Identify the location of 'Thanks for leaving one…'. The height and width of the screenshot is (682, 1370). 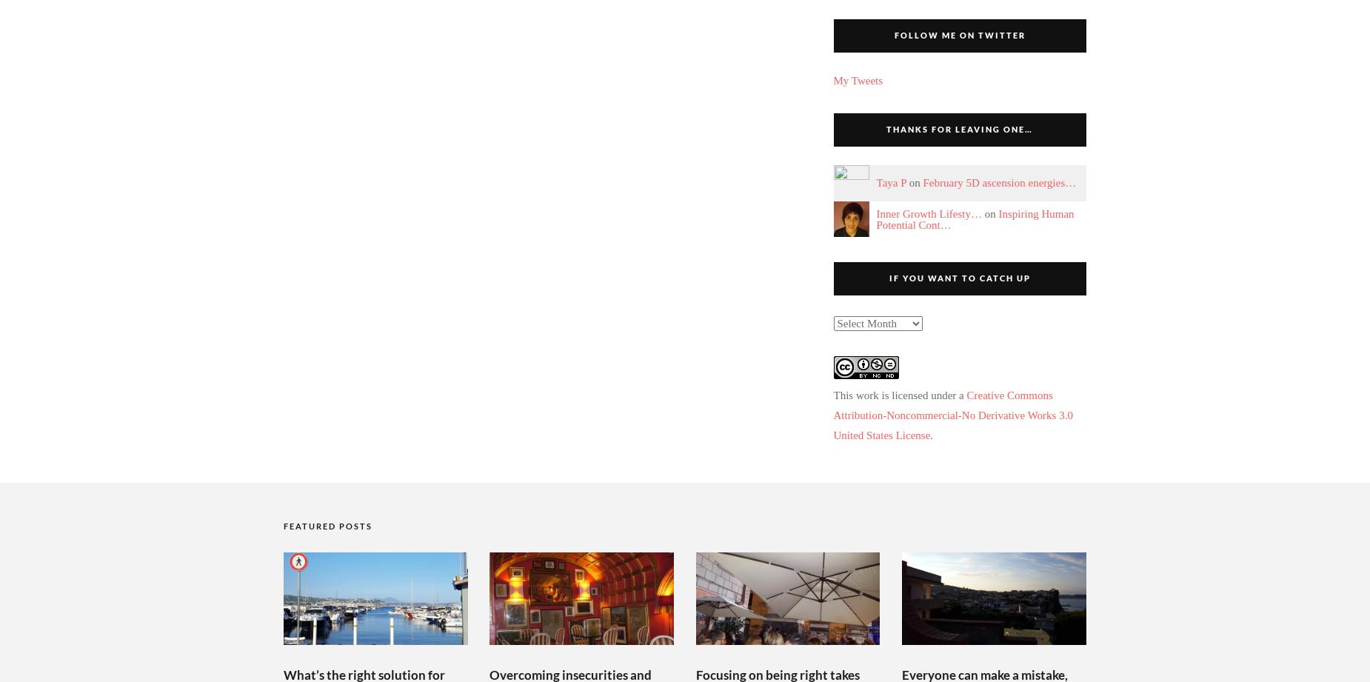
(958, 128).